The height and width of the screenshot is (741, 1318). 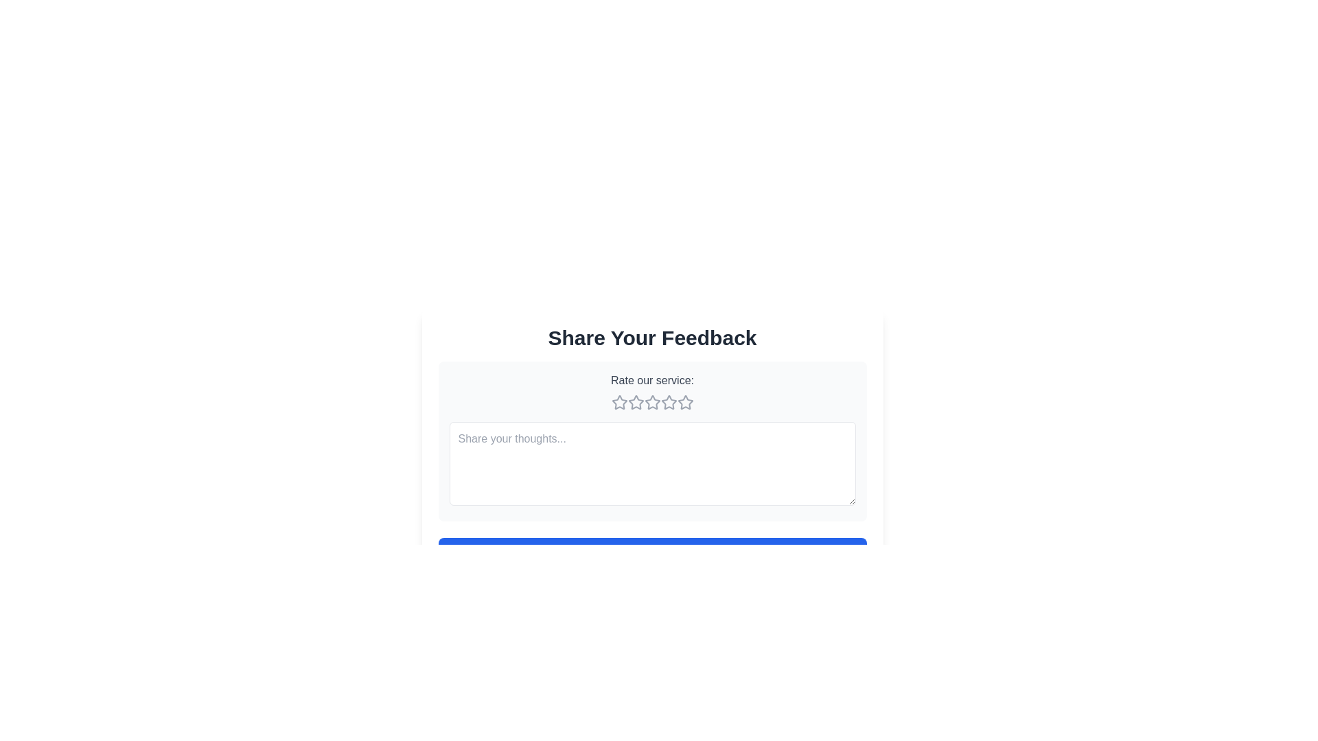 What do you see at coordinates (651, 338) in the screenshot?
I see `the prominent header with large, bold text that is dark charcoal gray and centrally located above the feedback section` at bounding box center [651, 338].